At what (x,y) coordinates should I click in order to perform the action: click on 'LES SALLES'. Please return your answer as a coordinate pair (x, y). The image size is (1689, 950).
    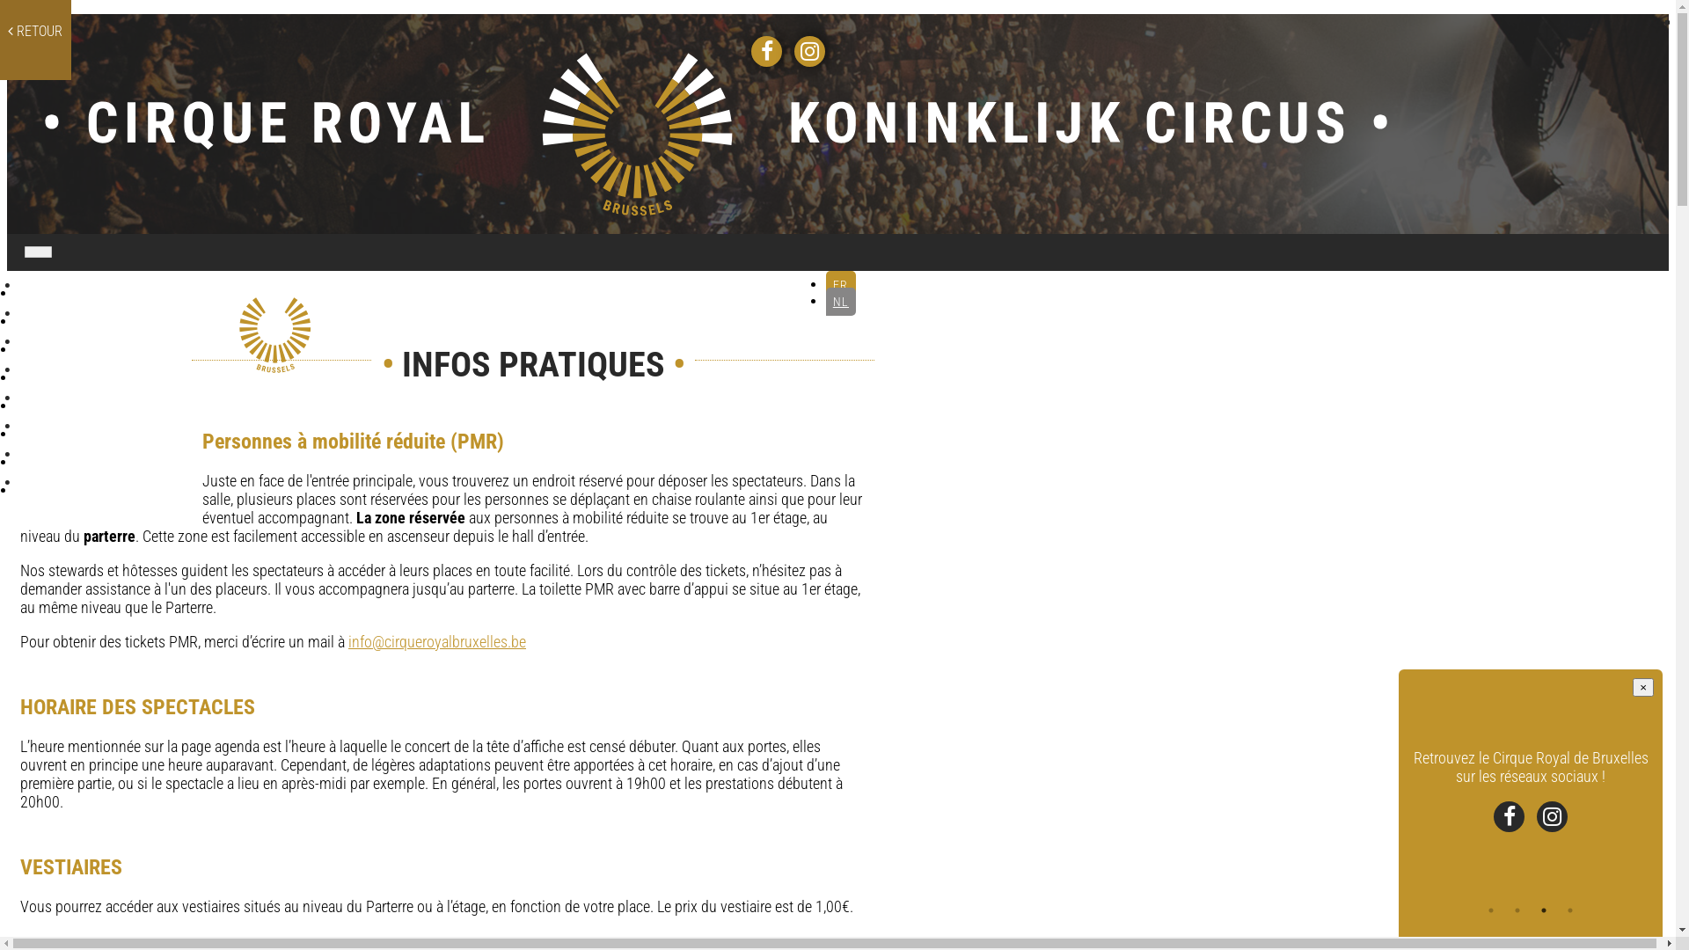
    Looking at the image, I should click on (107, 346).